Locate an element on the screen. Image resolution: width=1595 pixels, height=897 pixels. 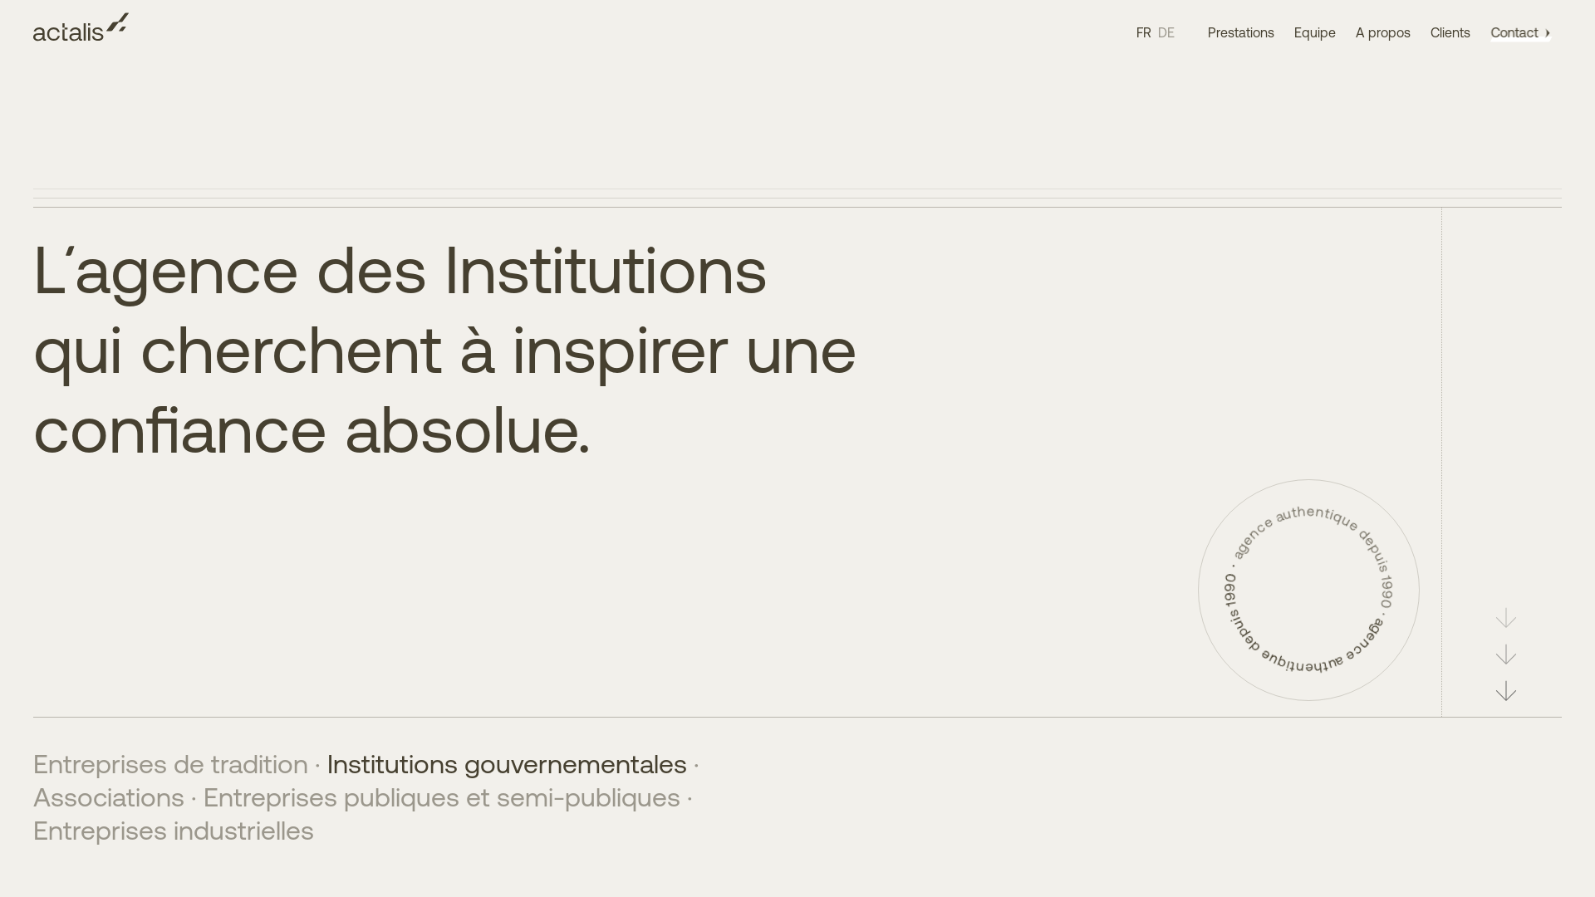
'Clients' is located at coordinates (1450, 32).